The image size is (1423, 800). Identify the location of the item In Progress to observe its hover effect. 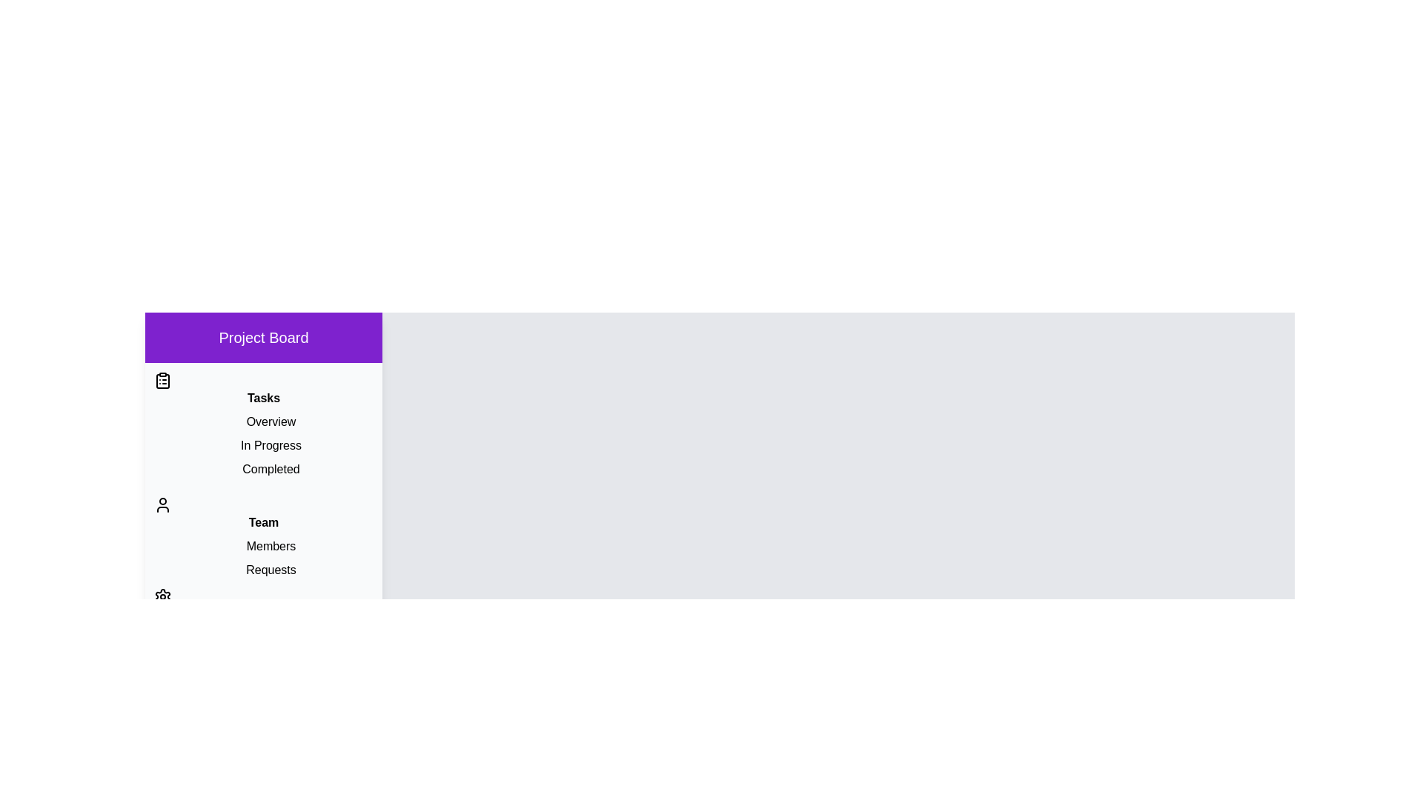
(263, 444).